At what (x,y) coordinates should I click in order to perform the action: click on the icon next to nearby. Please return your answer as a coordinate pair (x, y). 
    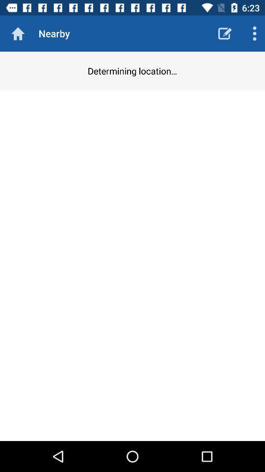
    Looking at the image, I should click on (18, 33).